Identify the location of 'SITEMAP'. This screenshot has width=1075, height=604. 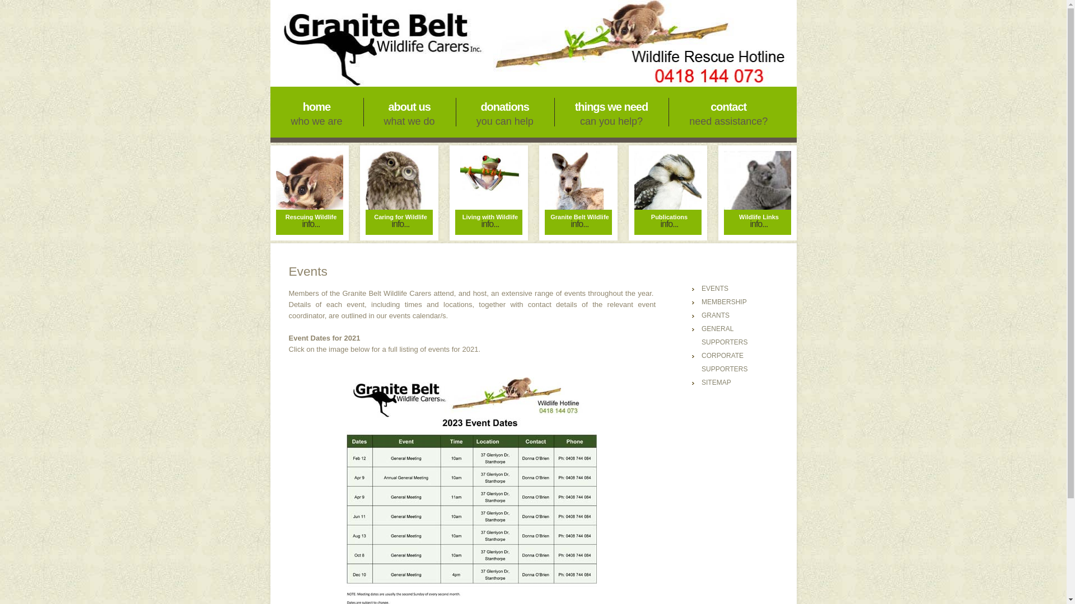
(700, 381).